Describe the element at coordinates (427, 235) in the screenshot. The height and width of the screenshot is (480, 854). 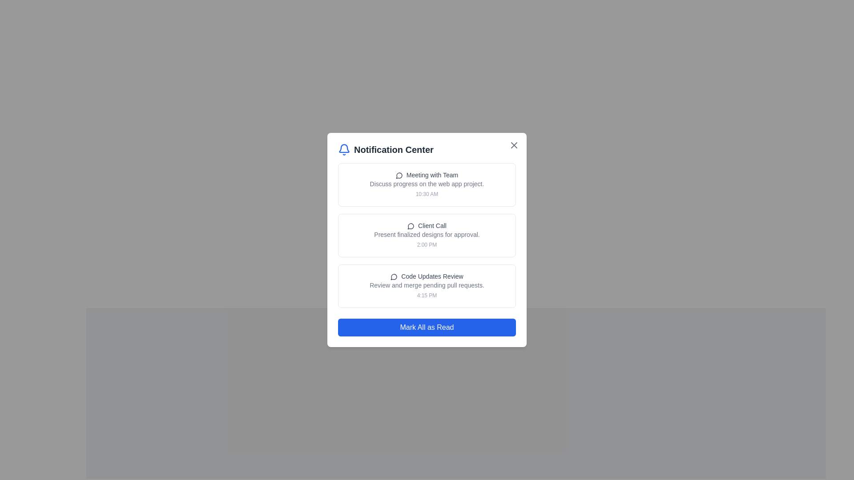
I see `the Notification card in the Notification Center modal, which is the middle card between 'Meeting with Team' and 'Code Updates Review'` at that location.